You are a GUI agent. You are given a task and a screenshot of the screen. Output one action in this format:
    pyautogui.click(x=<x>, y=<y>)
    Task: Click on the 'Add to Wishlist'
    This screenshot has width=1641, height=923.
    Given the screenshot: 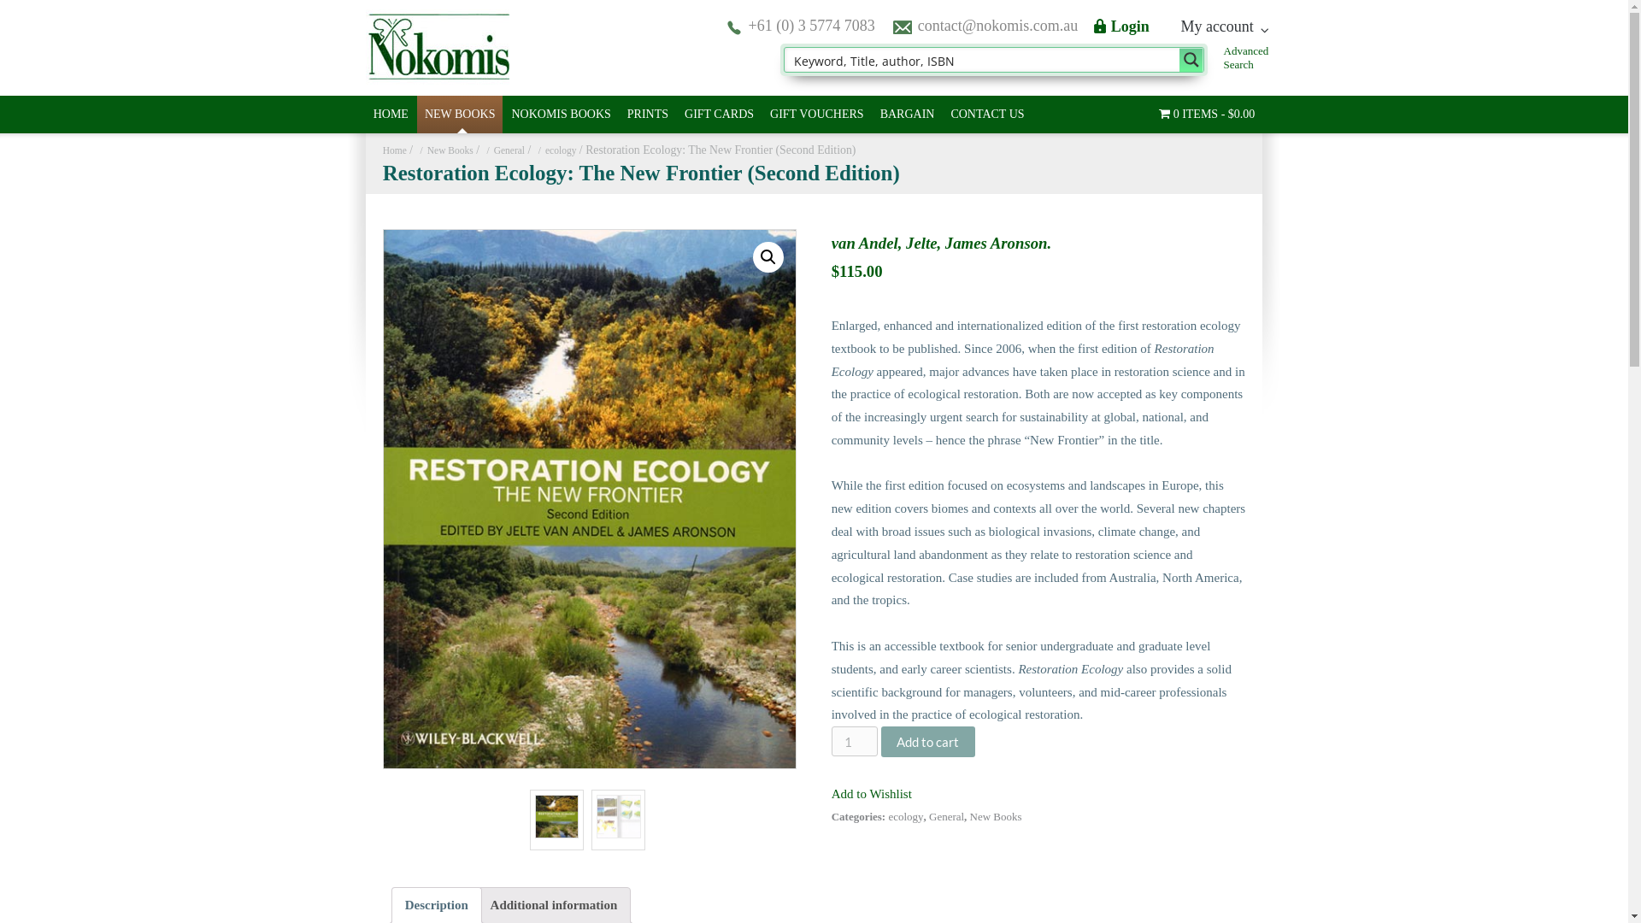 What is the action you would take?
    pyautogui.click(x=871, y=794)
    